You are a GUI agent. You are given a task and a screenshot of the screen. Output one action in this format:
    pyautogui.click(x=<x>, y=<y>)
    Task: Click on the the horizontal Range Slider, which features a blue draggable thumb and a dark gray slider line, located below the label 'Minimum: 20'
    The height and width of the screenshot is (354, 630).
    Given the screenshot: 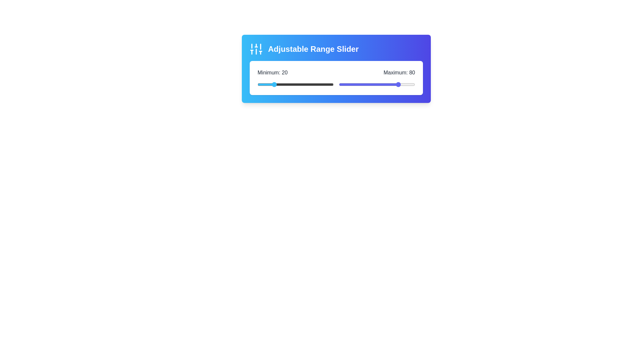 What is the action you would take?
    pyautogui.click(x=295, y=84)
    